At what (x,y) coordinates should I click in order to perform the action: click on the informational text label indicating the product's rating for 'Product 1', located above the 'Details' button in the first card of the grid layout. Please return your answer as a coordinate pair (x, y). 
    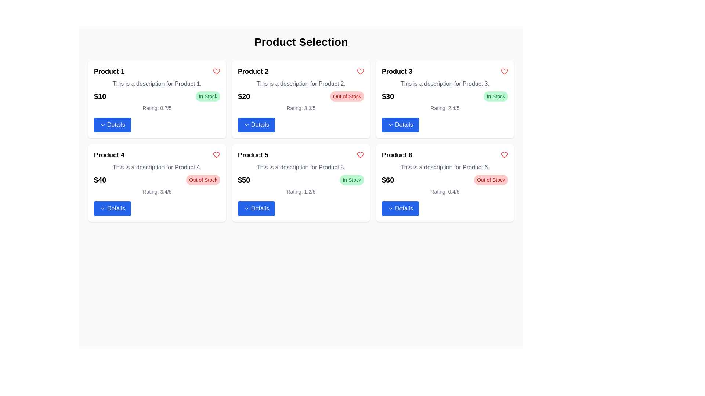
    Looking at the image, I should click on (156, 108).